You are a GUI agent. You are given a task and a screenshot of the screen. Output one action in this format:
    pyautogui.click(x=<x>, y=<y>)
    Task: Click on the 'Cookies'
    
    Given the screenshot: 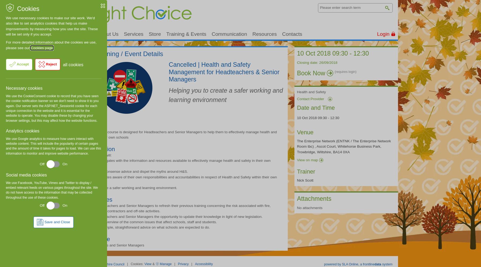 What is the action you would take?
    pyautogui.click(x=28, y=9)
    